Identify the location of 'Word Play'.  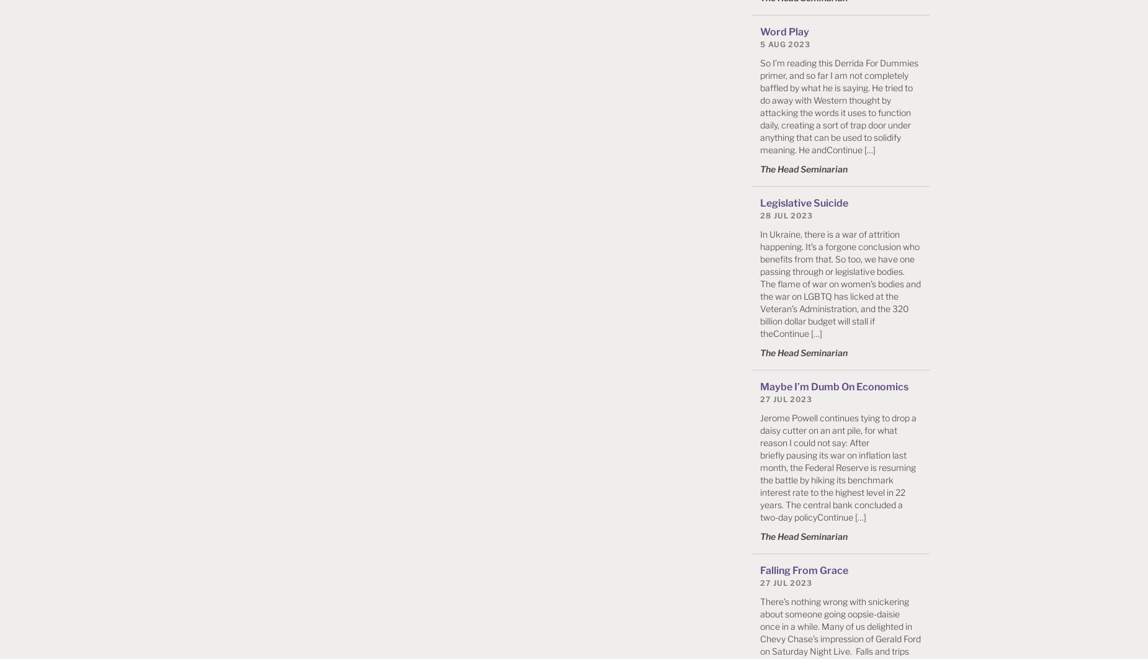
(760, 31).